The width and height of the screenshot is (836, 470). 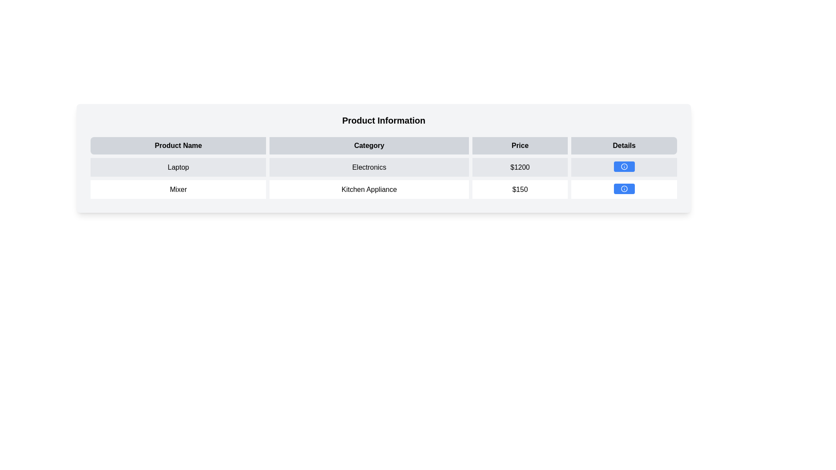 I want to click on the 'Electronics' text label, which is the second column in a tabular layout, aligning with the 'Category' header and positioned beside 'Laptop' and '$1200', so click(x=369, y=167).